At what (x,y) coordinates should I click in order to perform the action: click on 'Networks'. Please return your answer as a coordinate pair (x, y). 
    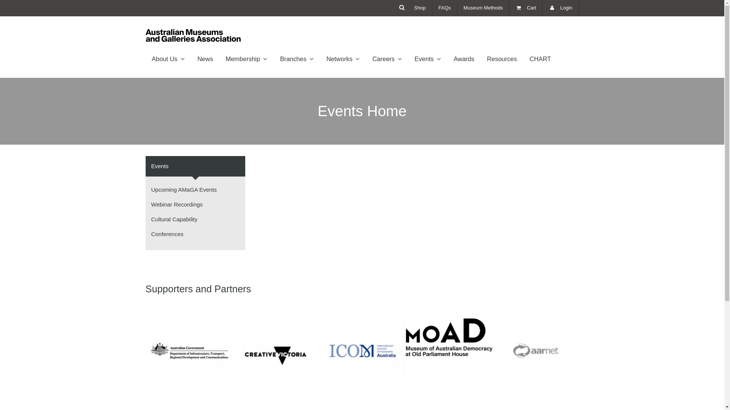
    Looking at the image, I should click on (343, 58).